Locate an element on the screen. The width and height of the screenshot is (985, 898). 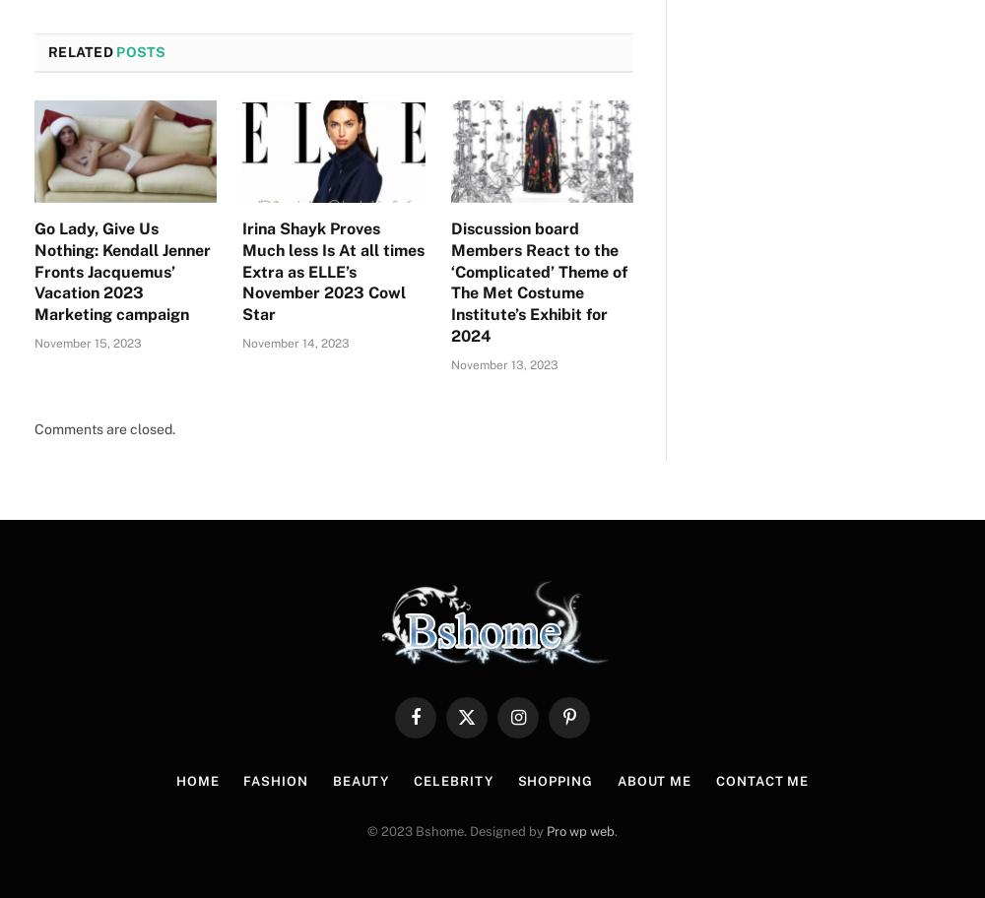
'Celebrity' is located at coordinates (452, 781).